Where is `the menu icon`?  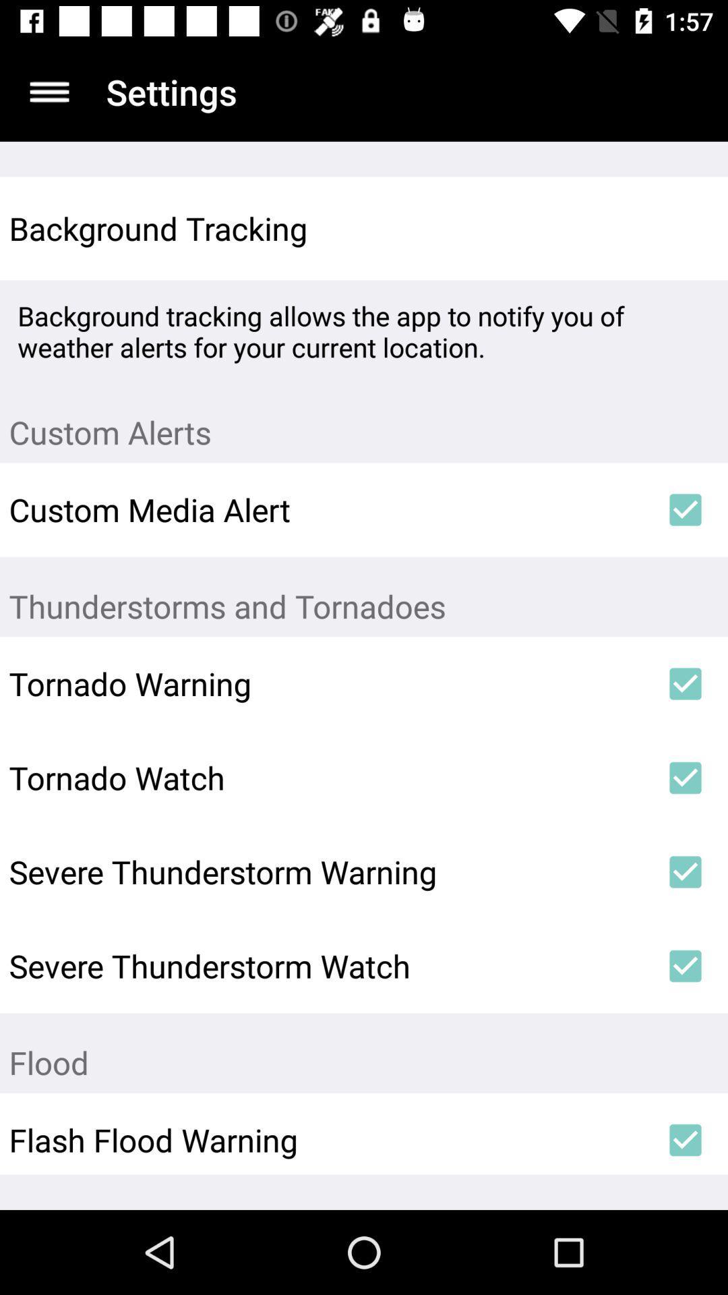
the menu icon is located at coordinates (49, 91).